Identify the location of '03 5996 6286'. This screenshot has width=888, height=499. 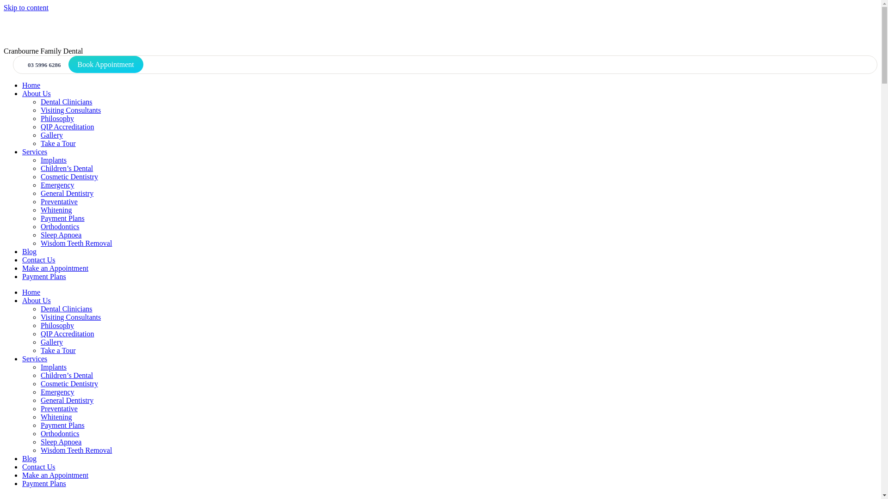
(41, 64).